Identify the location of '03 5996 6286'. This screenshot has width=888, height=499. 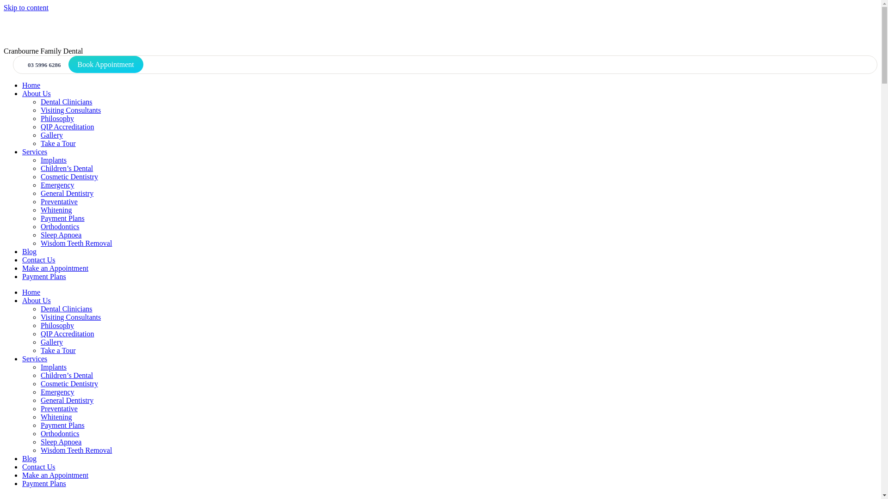
(41, 64).